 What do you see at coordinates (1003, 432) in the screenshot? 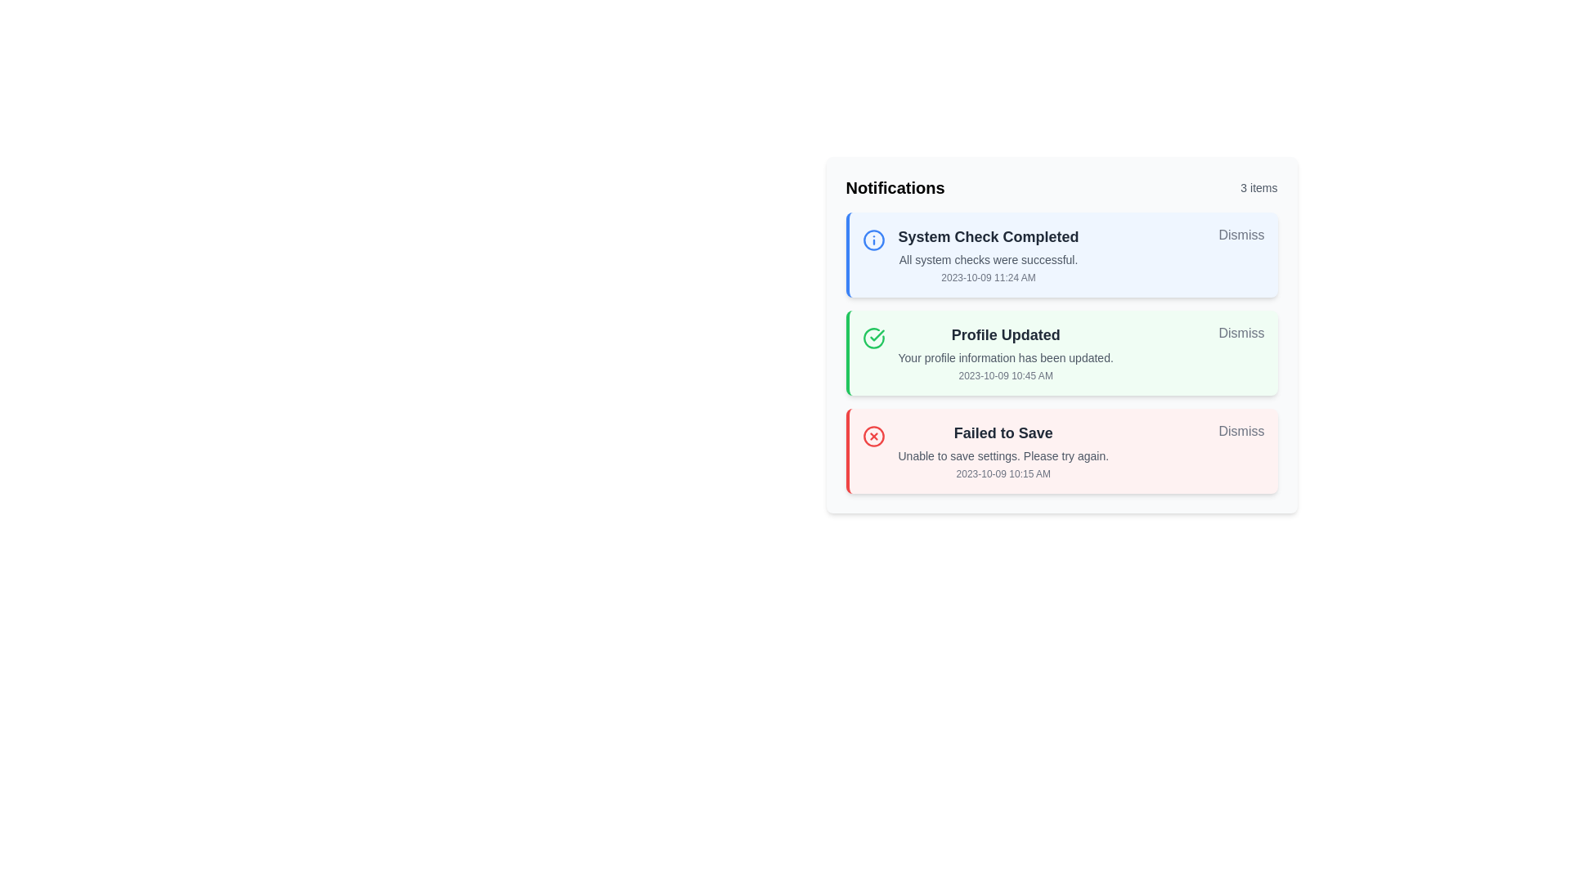
I see `the static text label displaying 'Failed to Save', which is located in the third notification card with a light red background` at bounding box center [1003, 432].